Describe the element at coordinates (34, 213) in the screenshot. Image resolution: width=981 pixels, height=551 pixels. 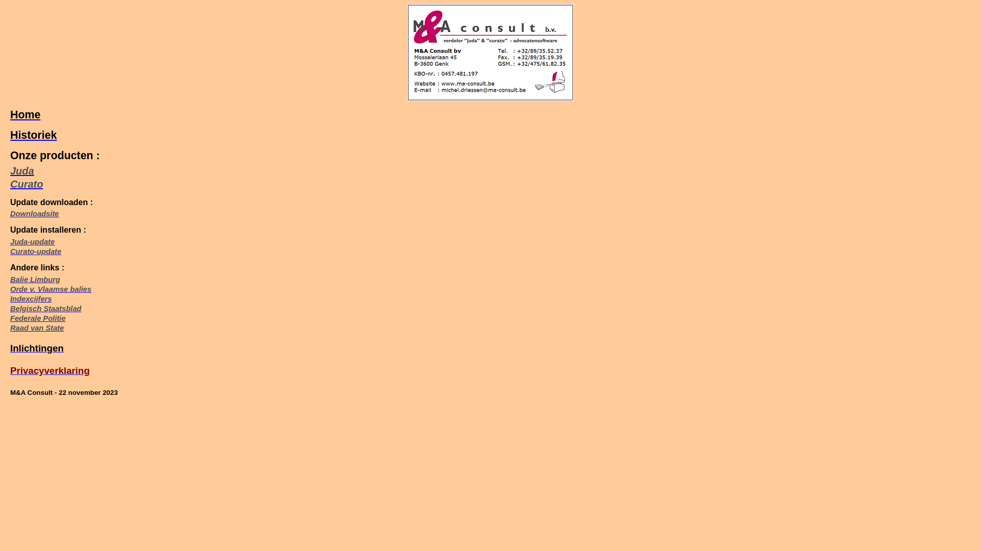
I see `'Downloadsite'` at that location.